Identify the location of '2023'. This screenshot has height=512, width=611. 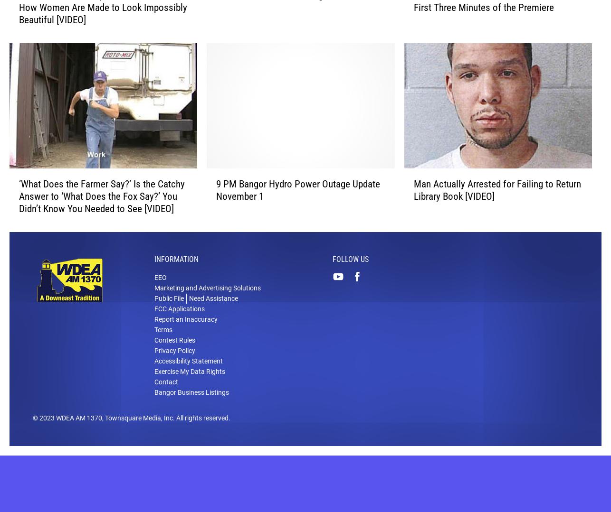
(47, 432).